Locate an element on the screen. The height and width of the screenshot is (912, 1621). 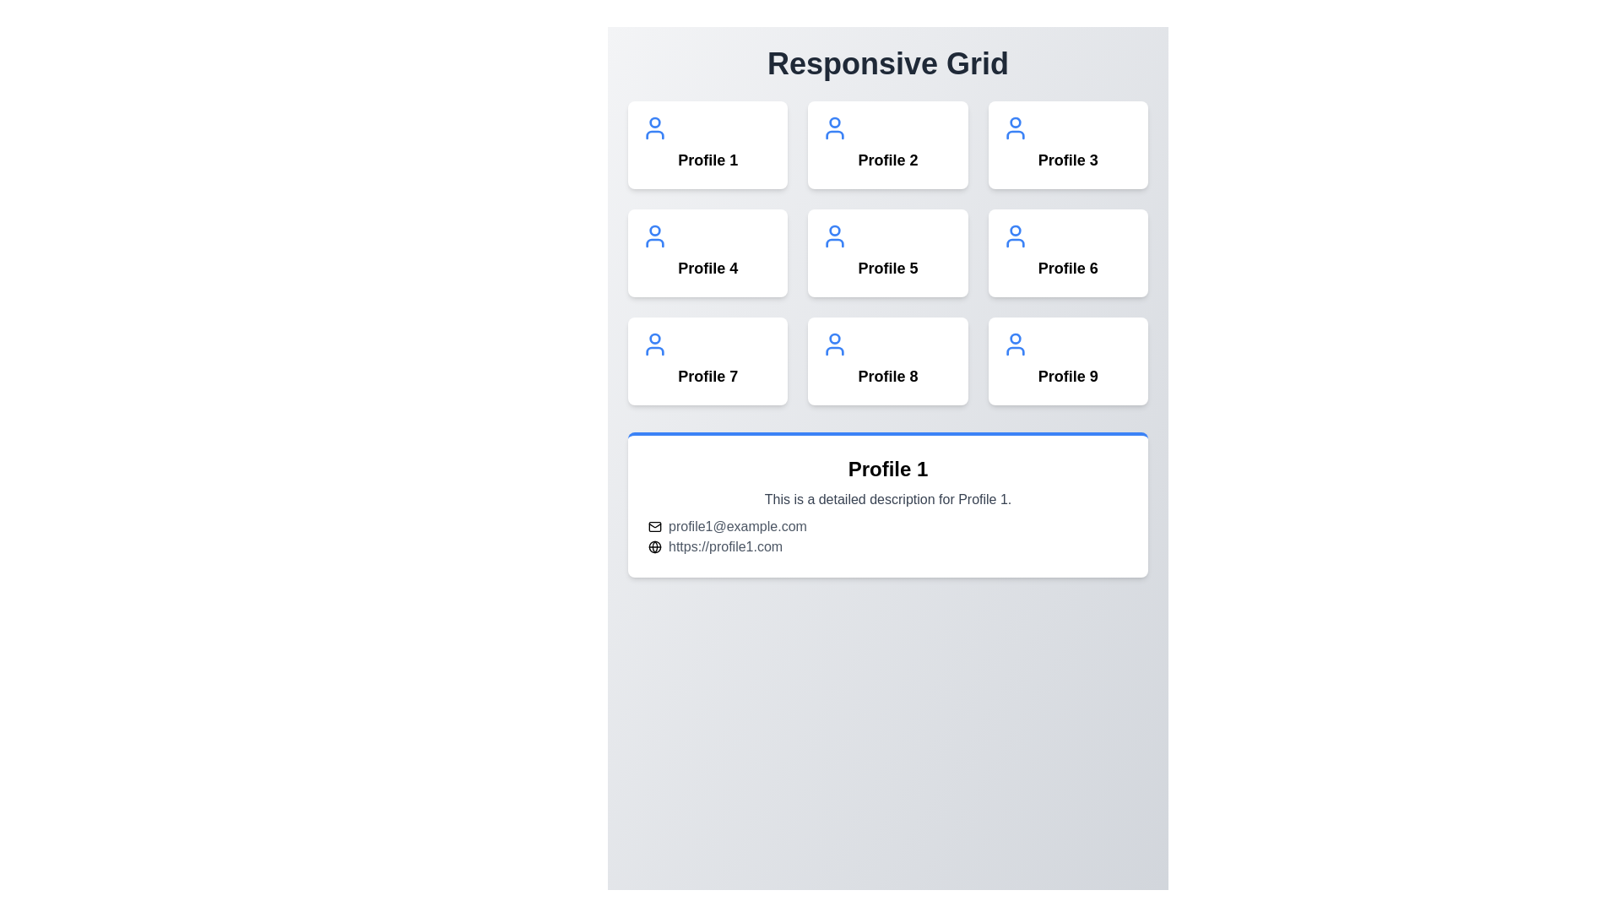
value of the bold, black text displaying 'Profile 2', which is the main title of the second card in the grid layout is located at coordinates (886, 160).